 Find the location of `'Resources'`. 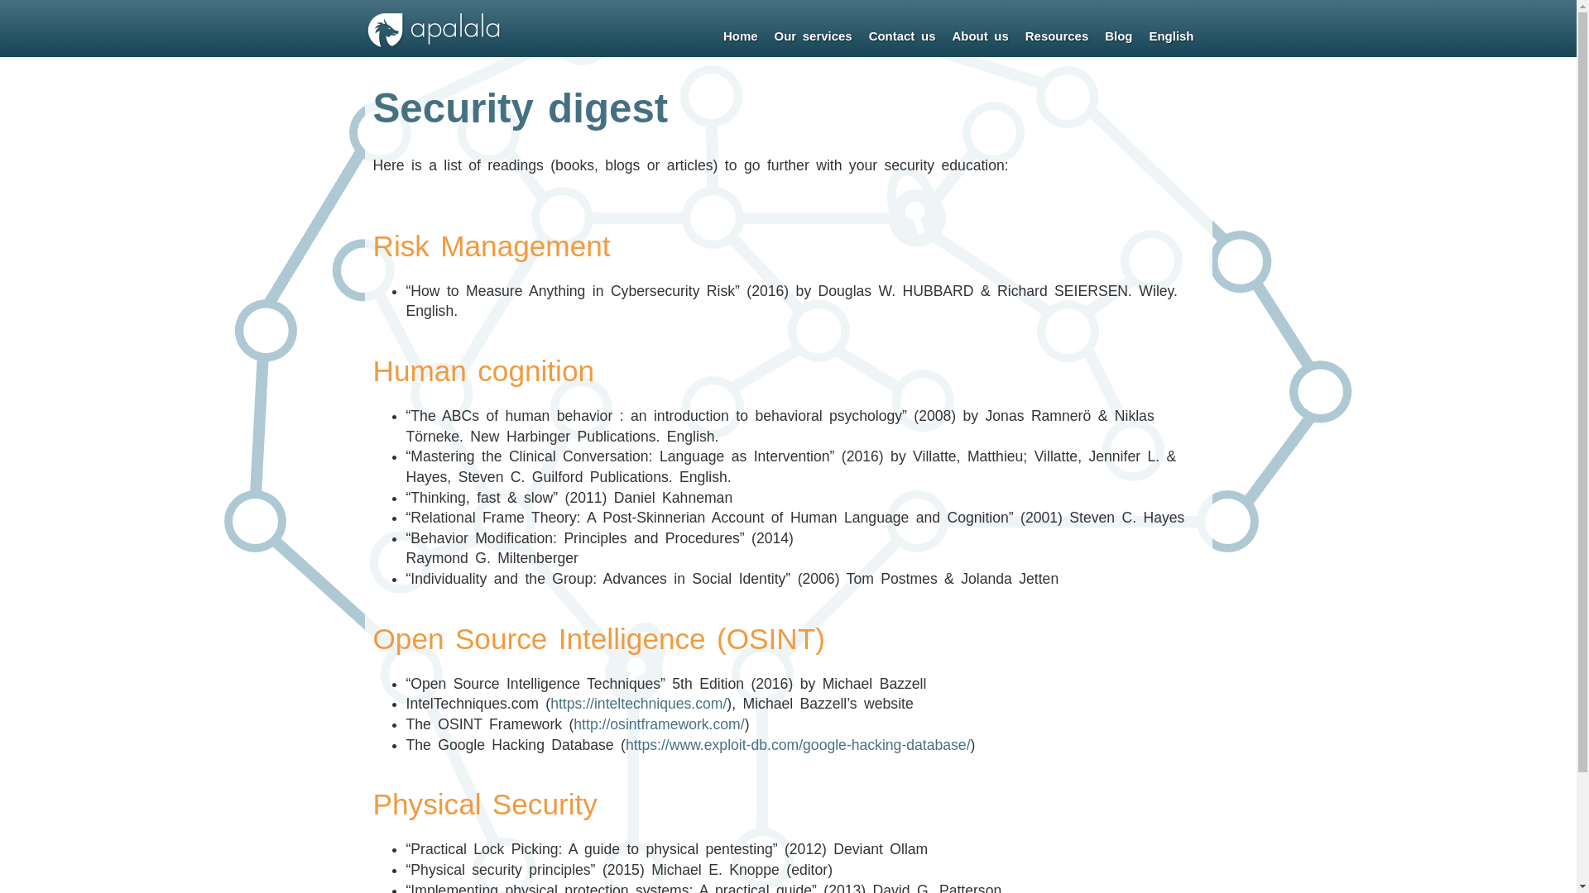

'Resources' is located at coordinates (1055, 36).